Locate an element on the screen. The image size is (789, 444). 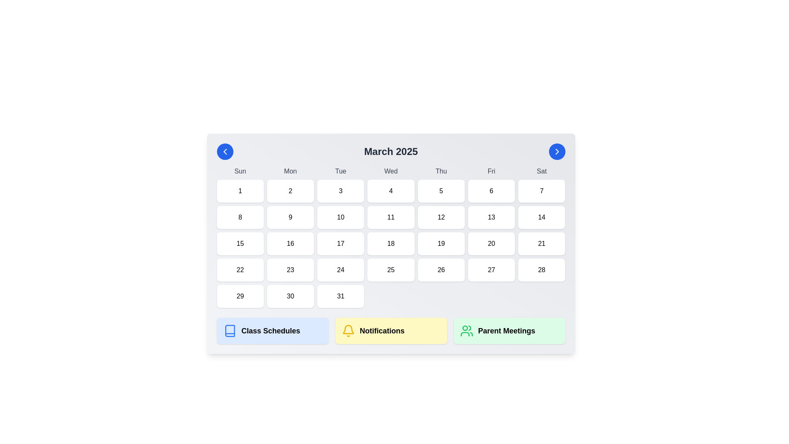
the calendar button representing the date '27' located in the sixth column and fifth row under the 'Fri' header to trigger visual feedback is located at coordinates (491, 270).